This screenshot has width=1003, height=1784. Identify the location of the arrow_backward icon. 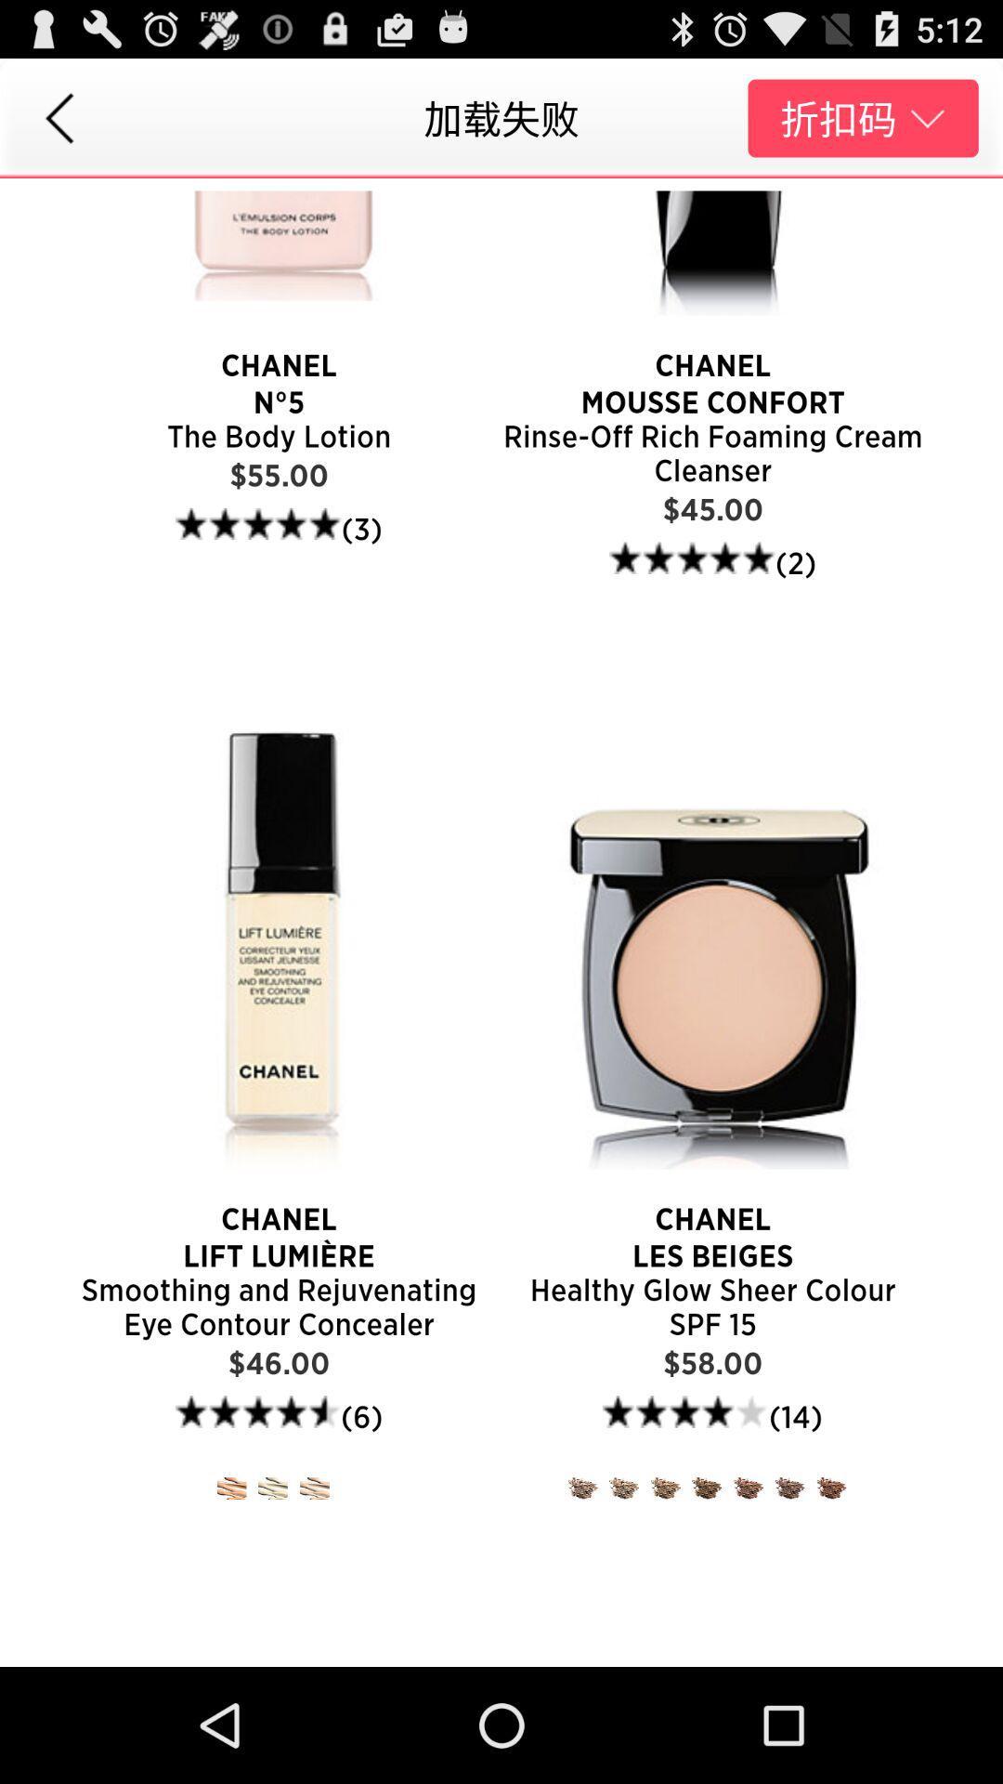
(59, 125).